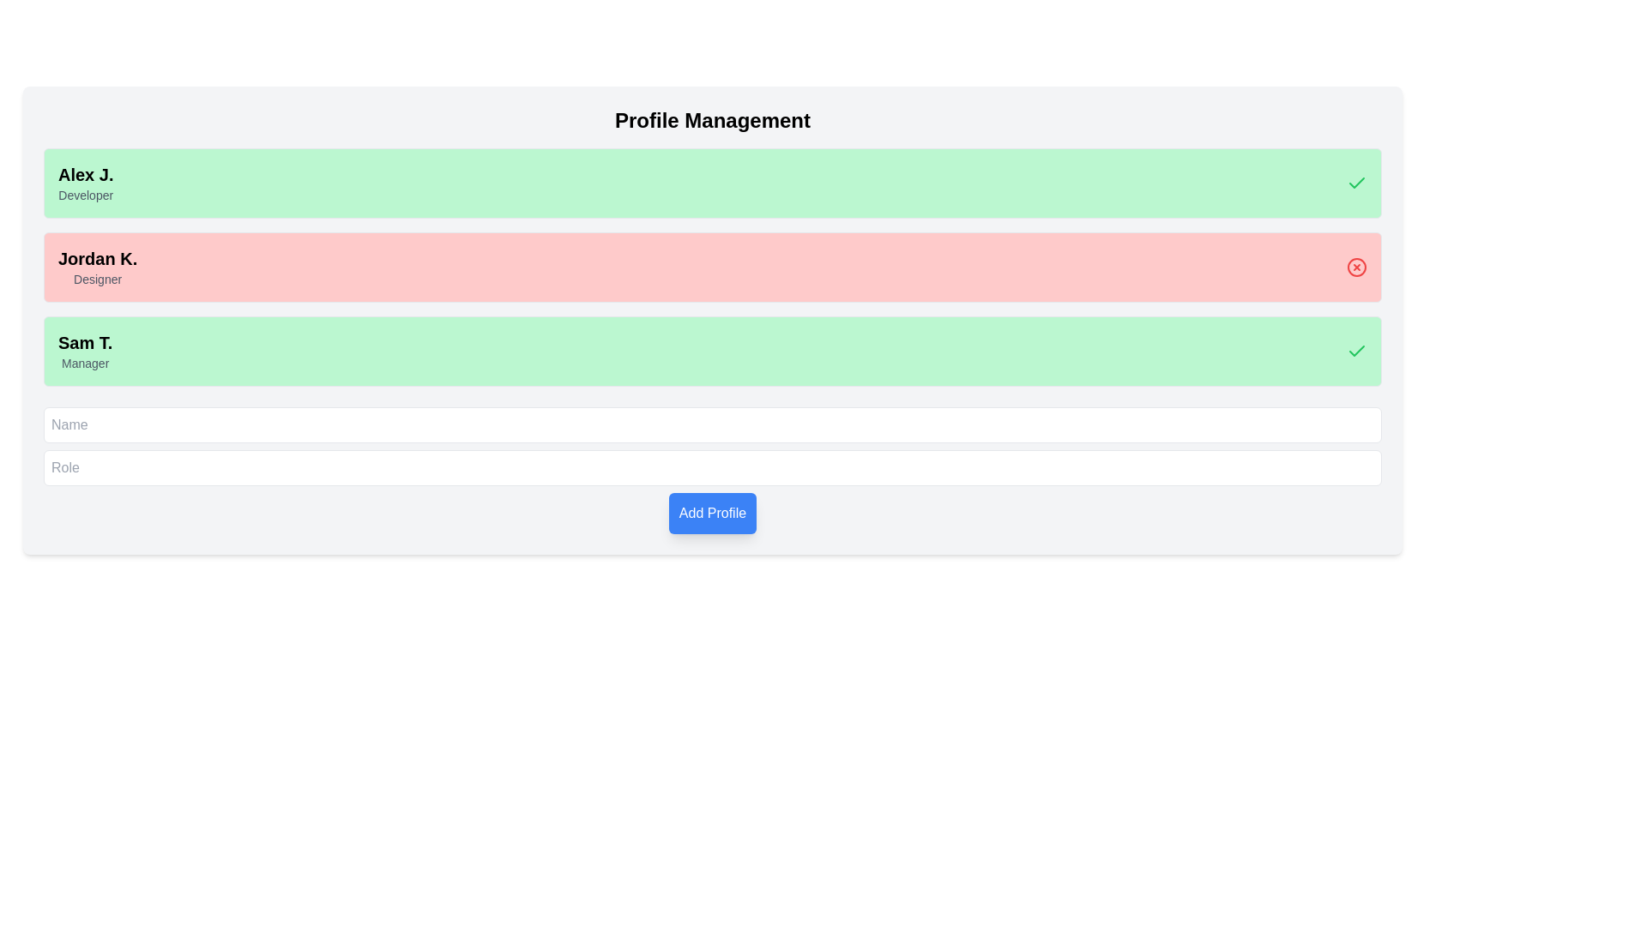  Describe the element at coordinates (84, 363) in the screenshot. I see `the static text label indicating the user role or position of 'Sam T.' located within the third list item of the user profiles section` at that location.